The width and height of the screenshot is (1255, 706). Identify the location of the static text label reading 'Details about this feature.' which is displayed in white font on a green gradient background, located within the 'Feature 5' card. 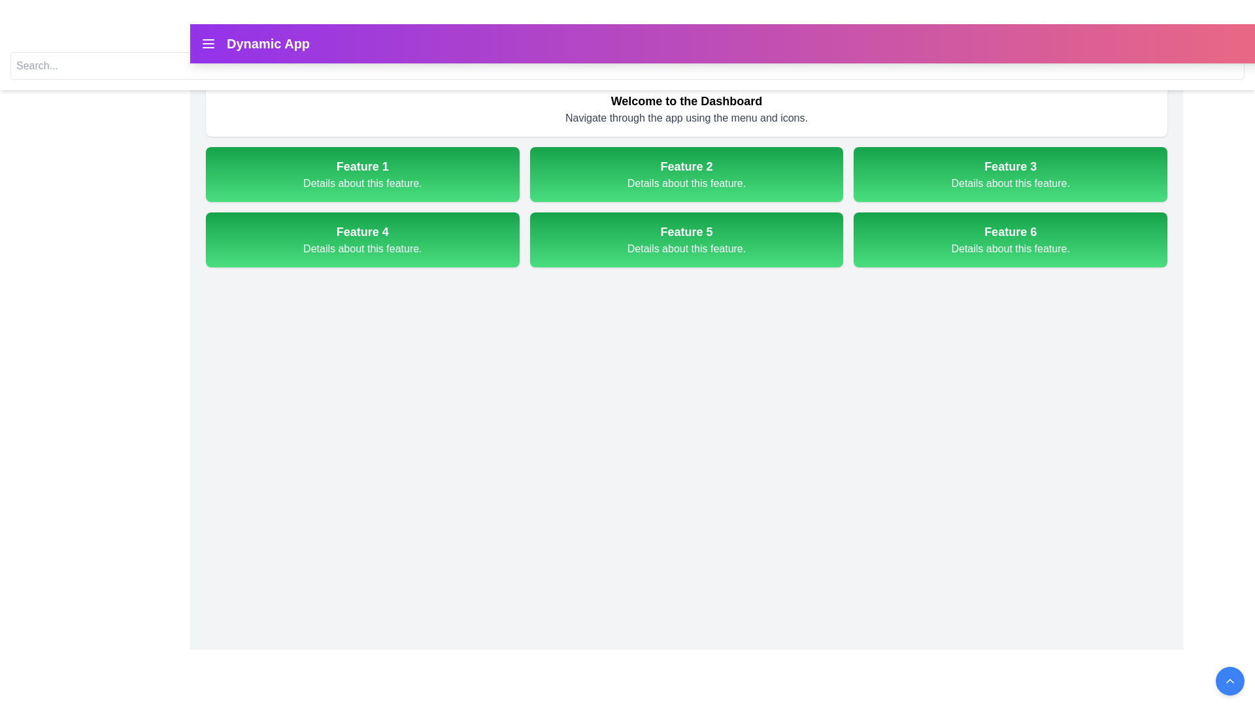
(686, 249).